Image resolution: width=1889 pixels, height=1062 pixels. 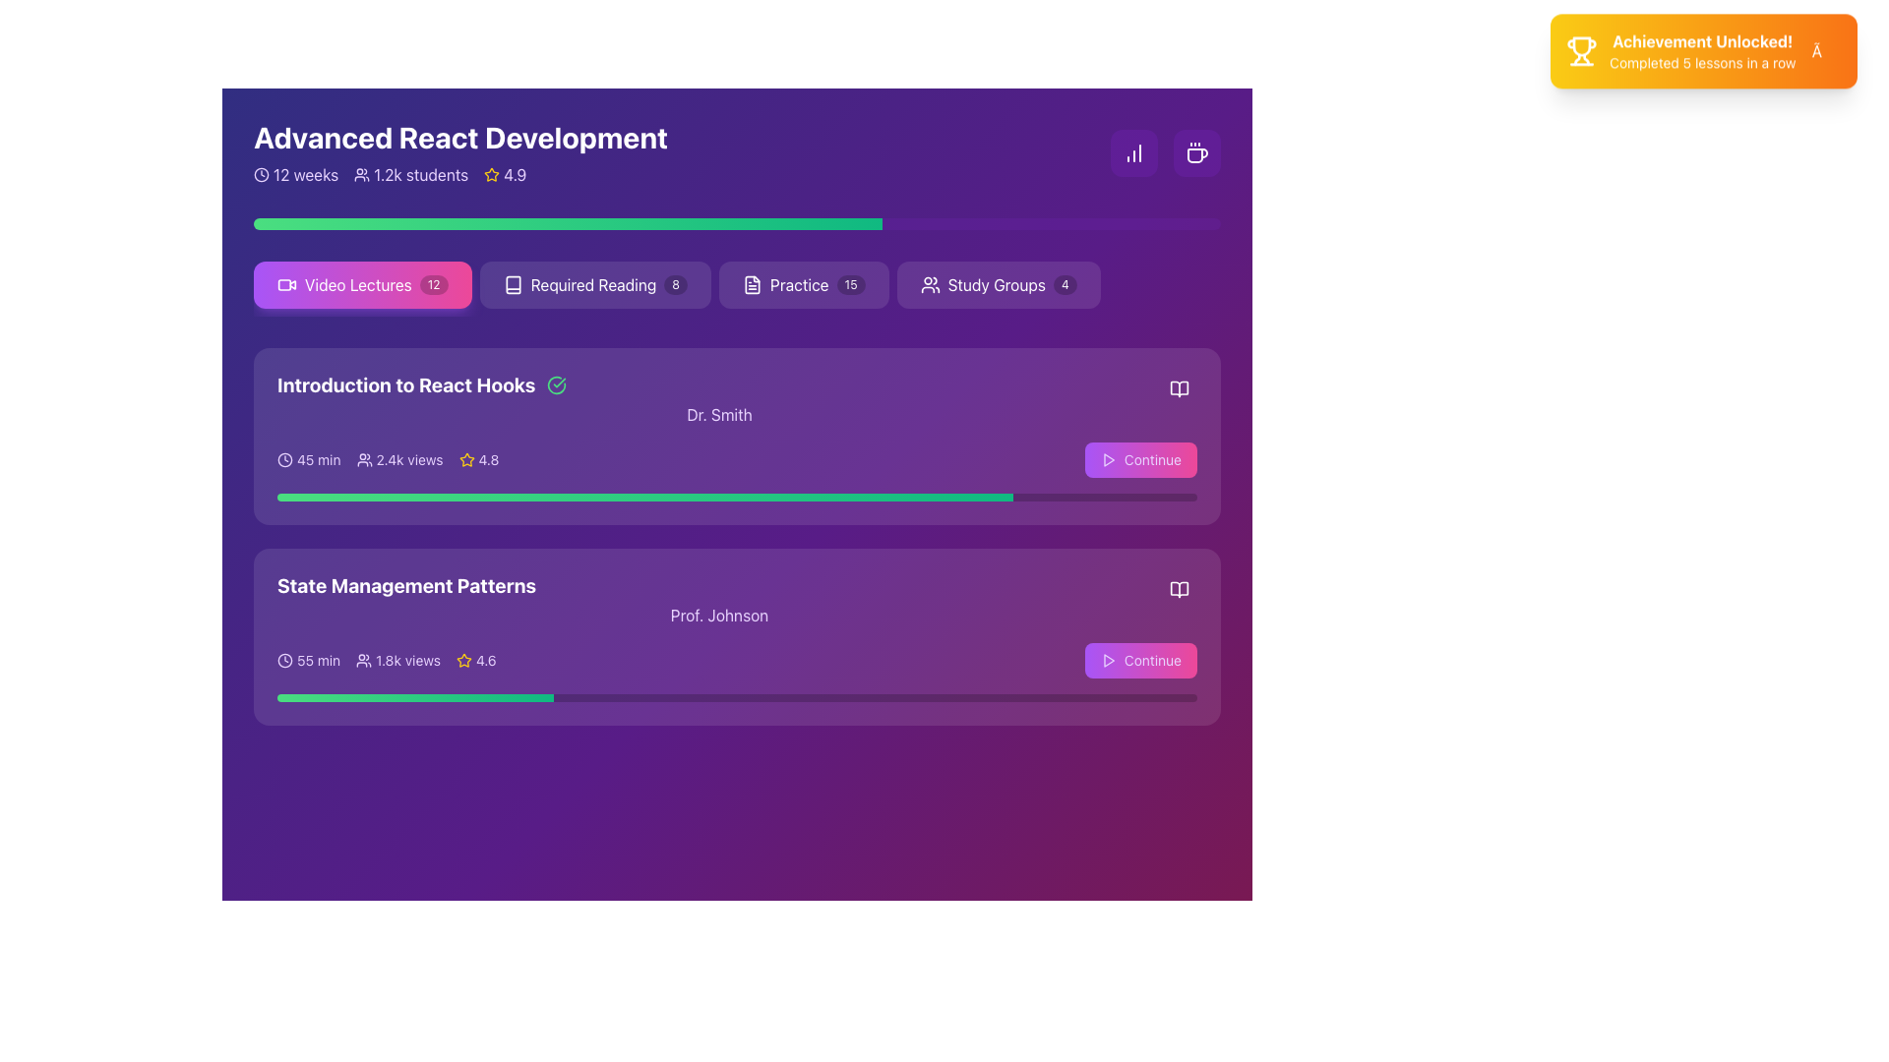 I want to click on the decorative rectangle element with rounded corners within the SVG icon located on the right side of the rectangular card in the second row, just leftward of the 'Continue' button, so click(x=283, y=284).